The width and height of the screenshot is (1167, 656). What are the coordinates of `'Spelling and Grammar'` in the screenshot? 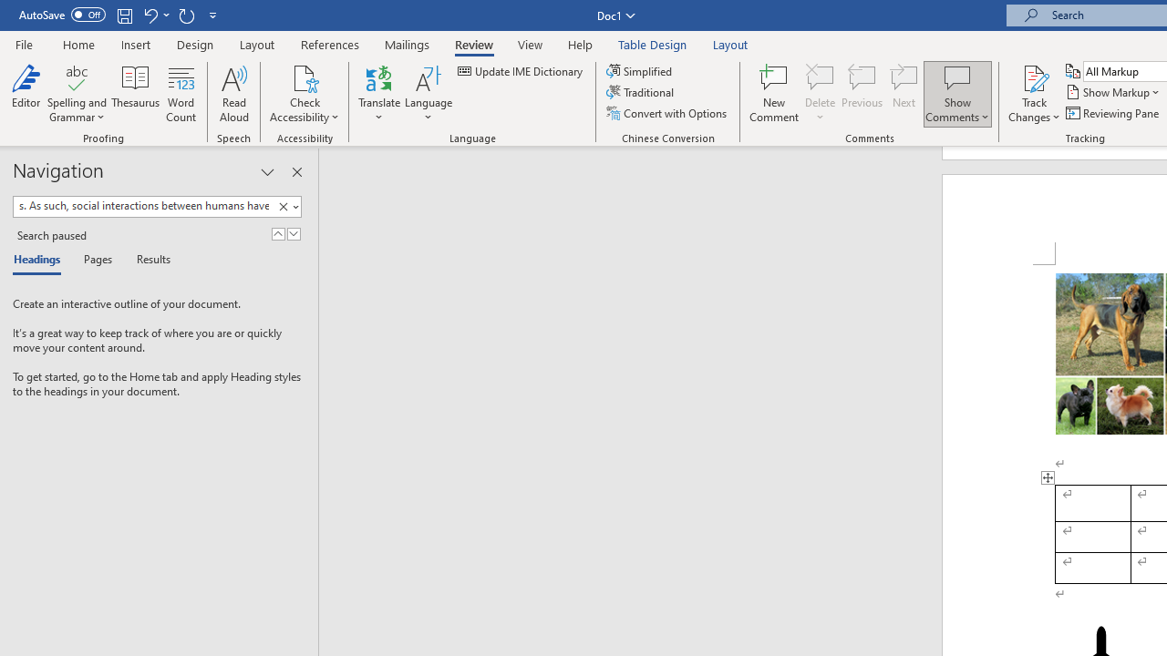 It's located at (77, 94).